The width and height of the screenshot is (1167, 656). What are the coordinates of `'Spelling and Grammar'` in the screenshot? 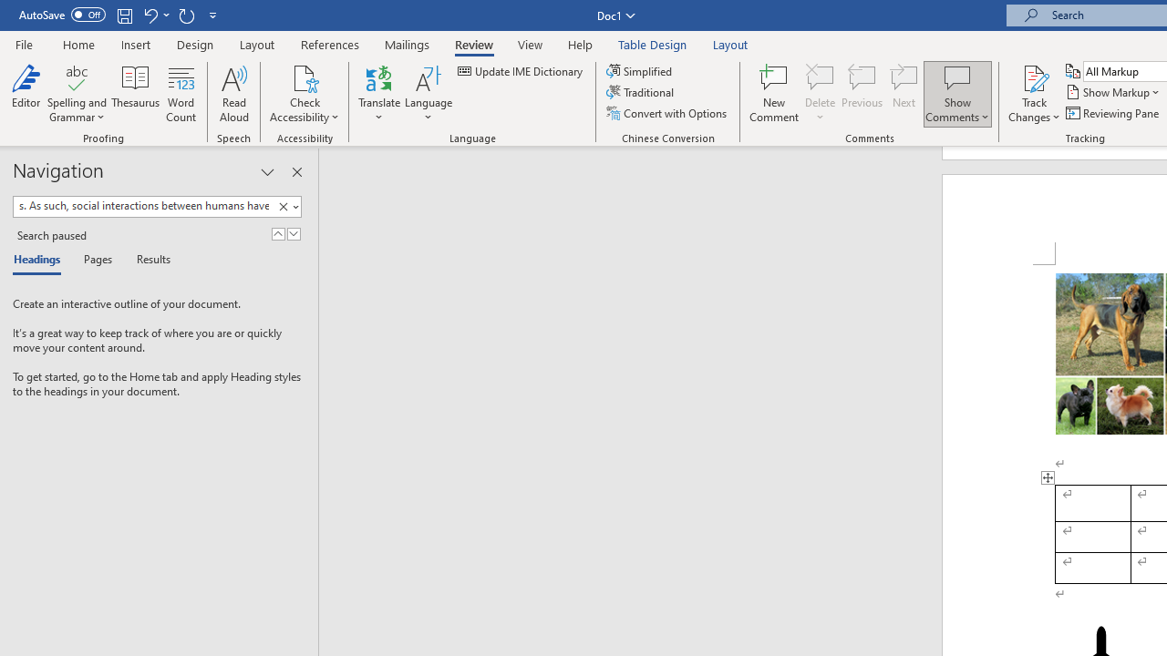 It's located at (77, 94).